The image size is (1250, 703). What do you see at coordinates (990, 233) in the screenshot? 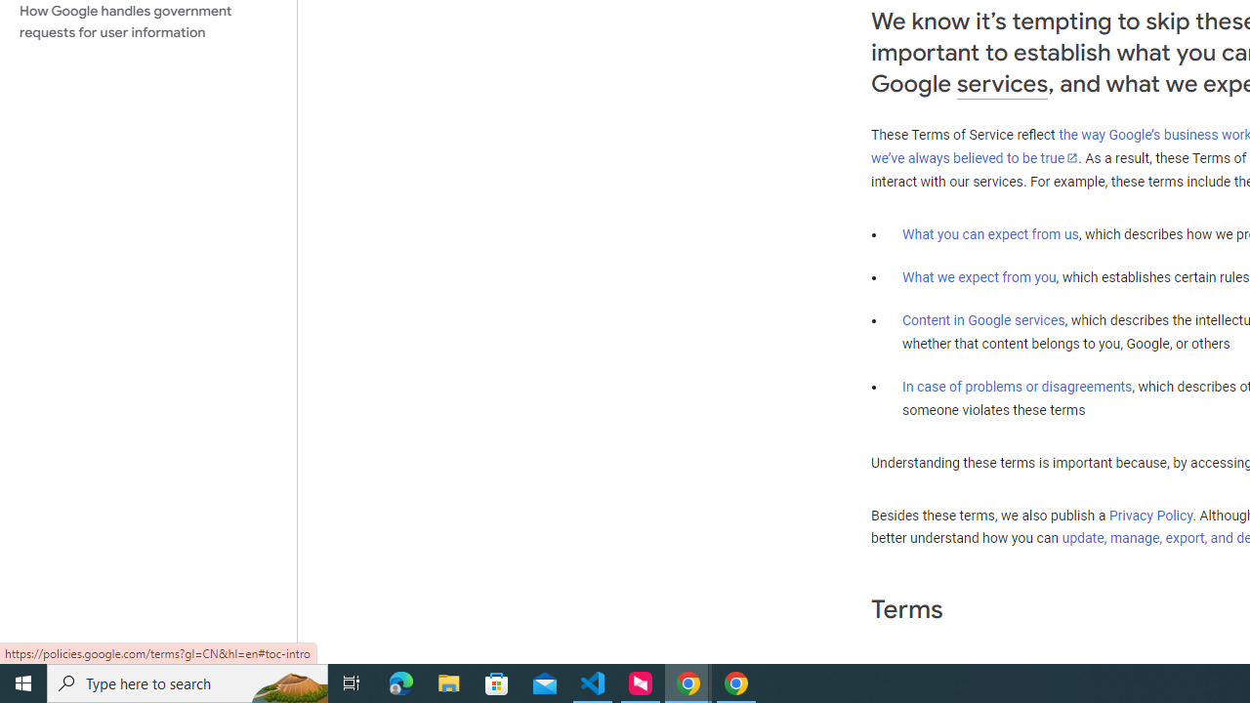
I see `'What you can expect from us'` at bounding box center [990, 233].